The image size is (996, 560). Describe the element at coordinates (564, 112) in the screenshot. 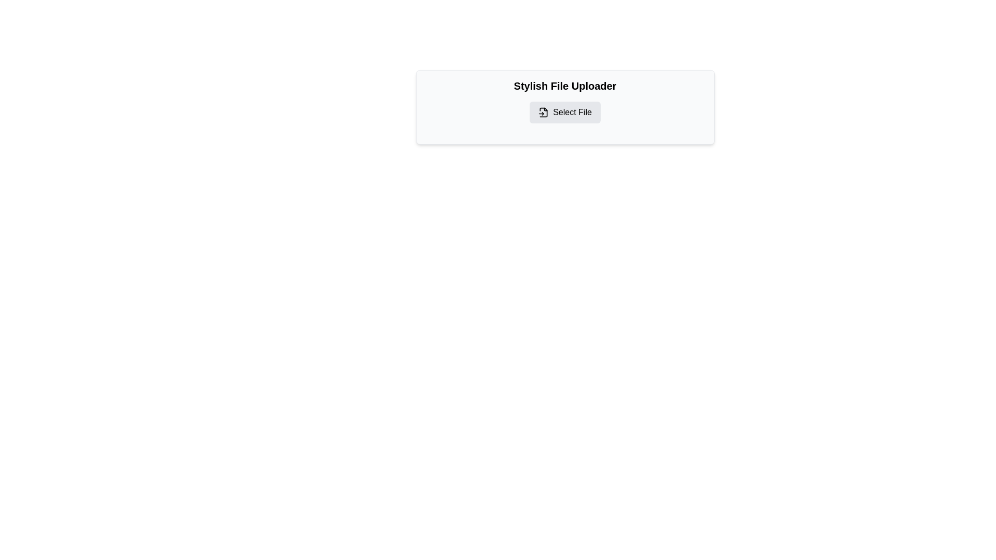

I see `the 'Select File' button styled as a file input selector, which has a gray background, rounded corners, dashed borders, and displays the text 'Select File' prominently. An icon resembling a file is positioned to the left of the text` at that location.